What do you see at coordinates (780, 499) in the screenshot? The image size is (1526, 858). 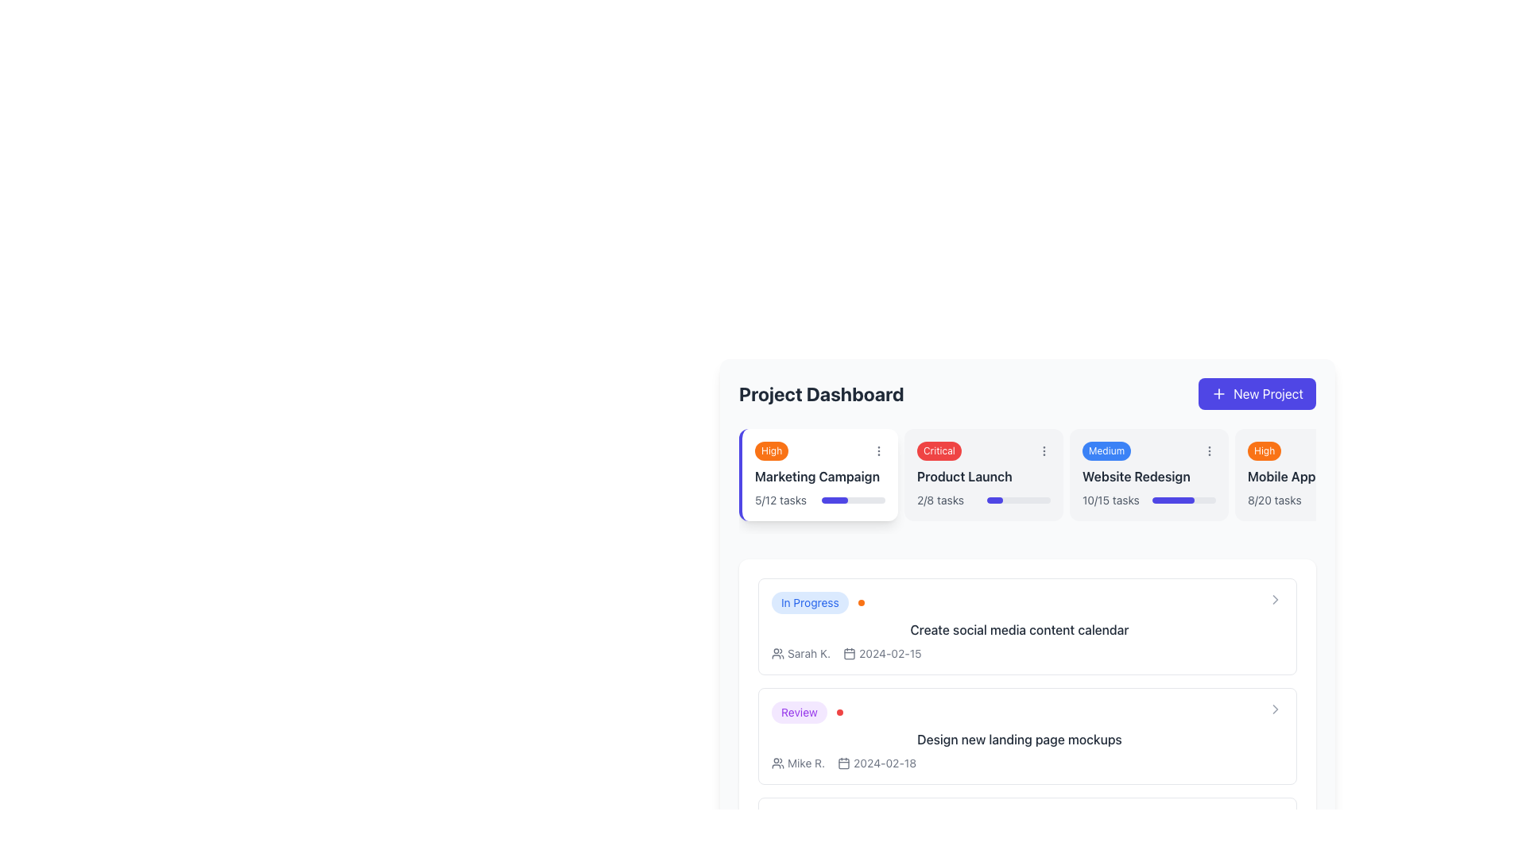 I see `the static text label that indicates the progress of tasks within the 'Marketing Campaign' project, which displays the number of completed tasks out of the total` at bounding box center [780, 499].